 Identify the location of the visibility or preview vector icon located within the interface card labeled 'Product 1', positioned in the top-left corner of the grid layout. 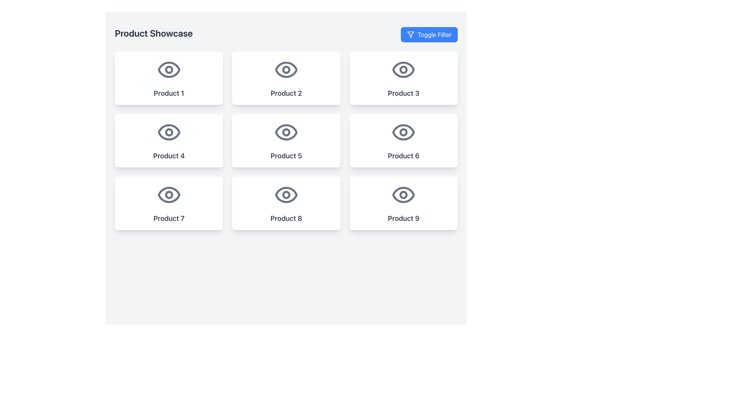
(168, 69).